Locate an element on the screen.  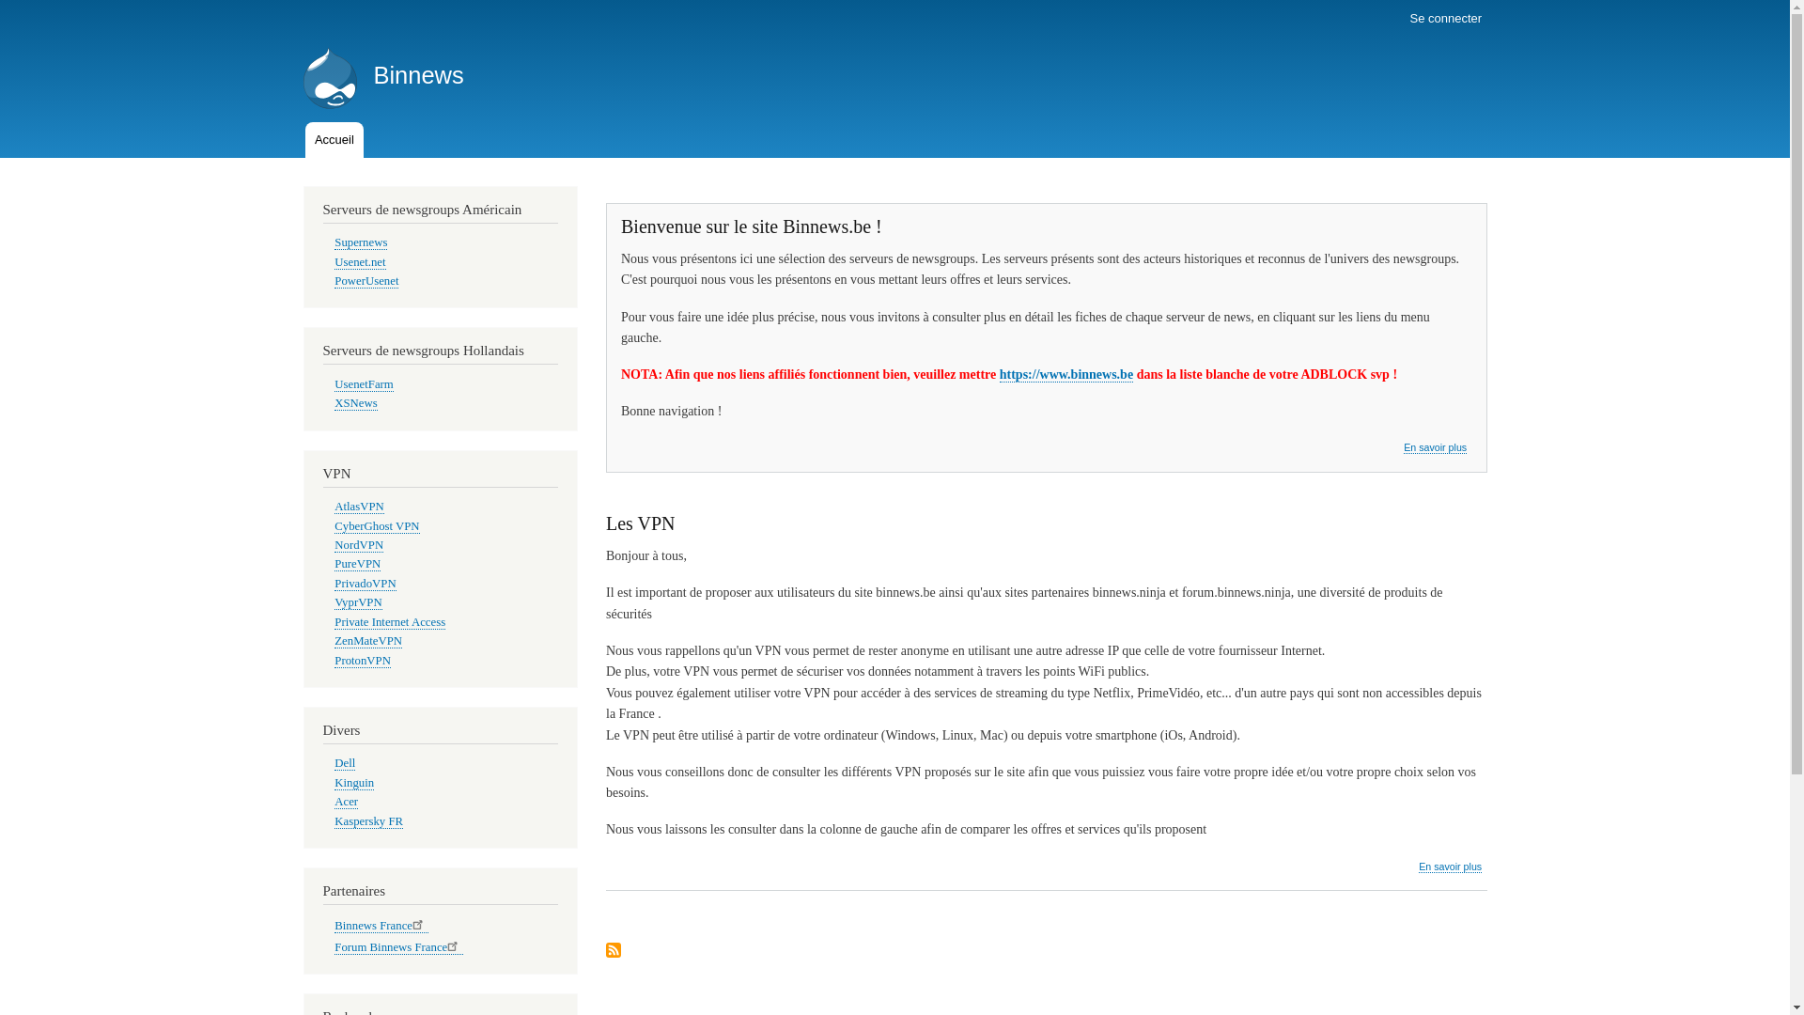
'Binnews' is located at coordinates (417, 74).